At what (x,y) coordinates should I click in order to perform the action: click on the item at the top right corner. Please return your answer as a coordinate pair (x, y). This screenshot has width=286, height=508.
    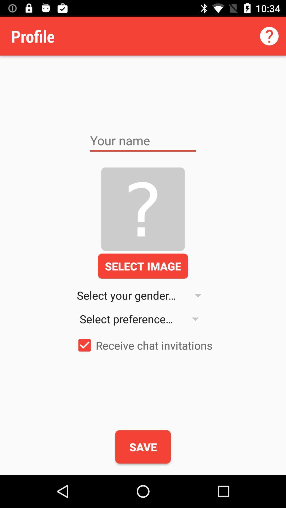
    Looking at the image, I should click on (269, 36).